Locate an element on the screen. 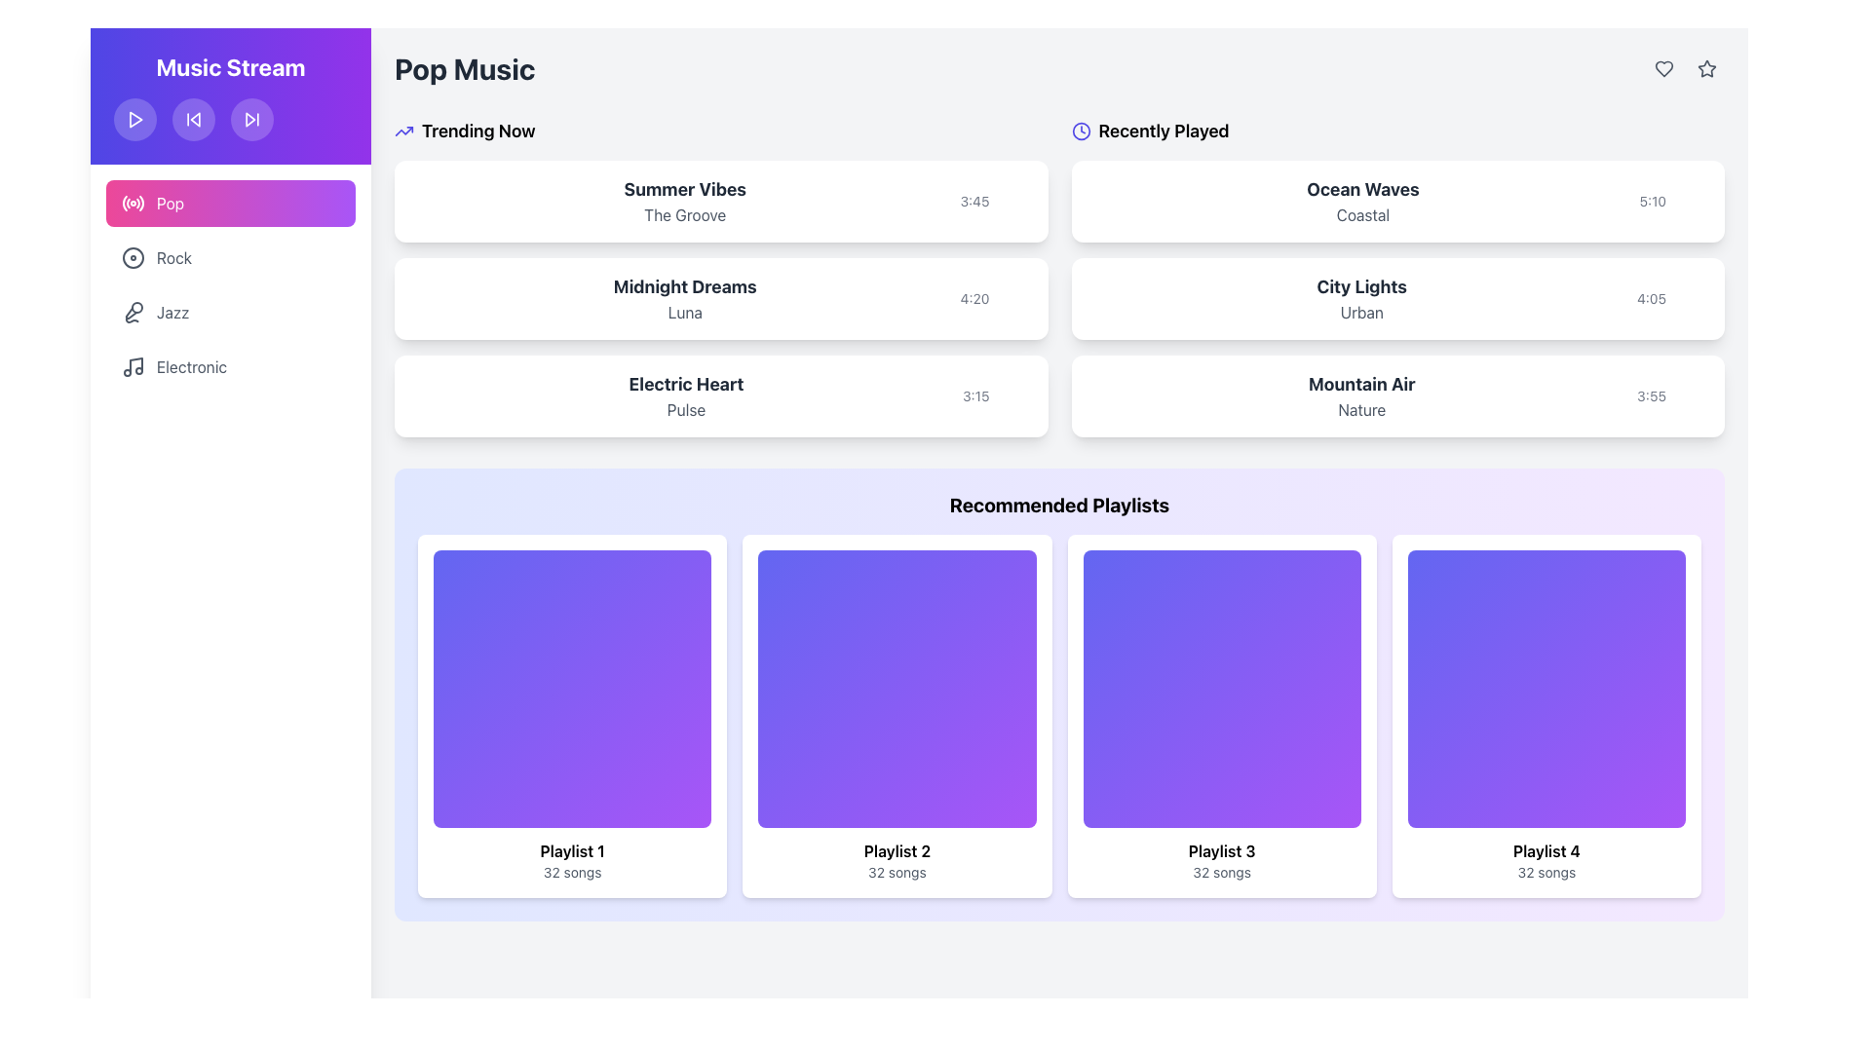  the 'Jazz' music category button, which is the third entry in the vertical list under the 'Music Stream' section is located at coordinates (230, 311).